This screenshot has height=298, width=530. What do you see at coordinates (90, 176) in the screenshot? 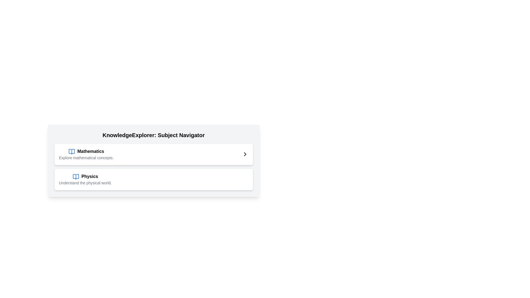
I see `the bolded text label titled 'Physics', which is the second title in the subject navigation card` at bounding box center [90, 176].